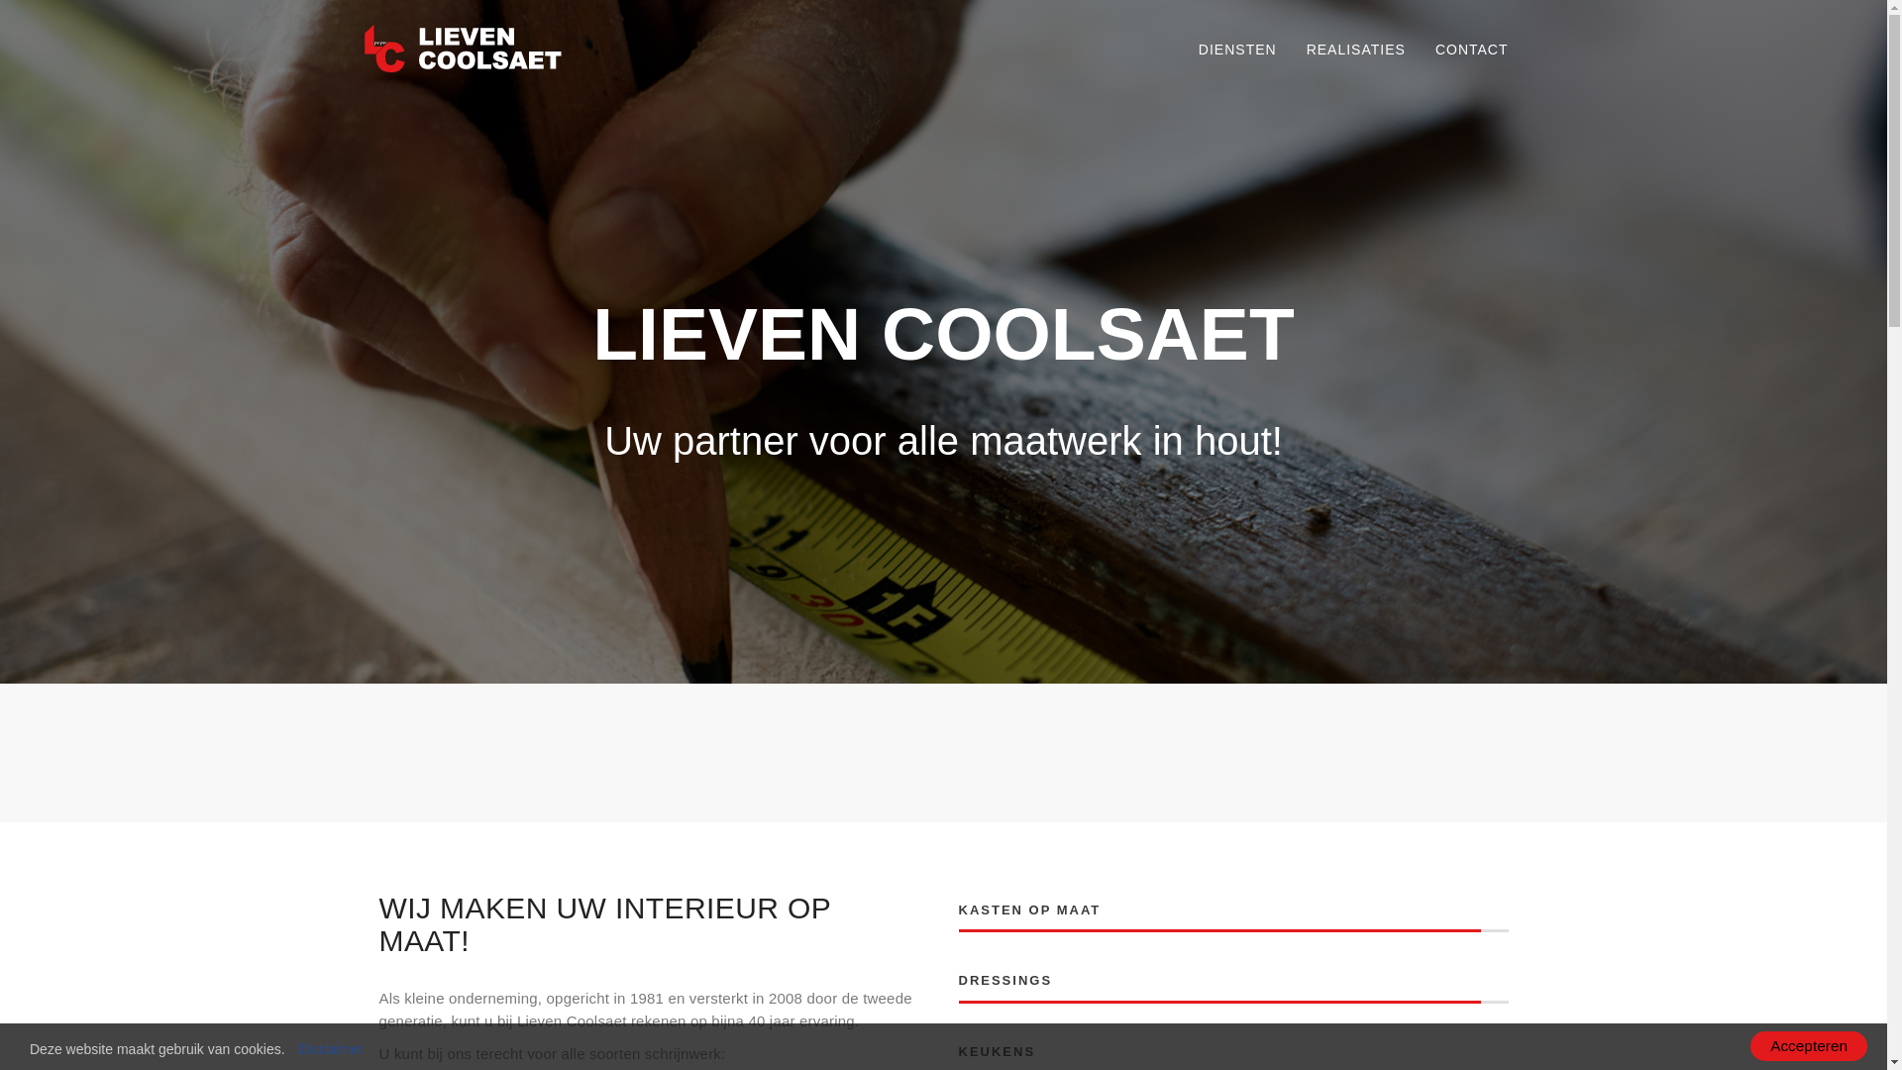 The width and height of the screenshot is (1902, 1070). Describe the element at coordinates (330, 1048) in the screenshot. I see `'Disclaimer'` at that location.